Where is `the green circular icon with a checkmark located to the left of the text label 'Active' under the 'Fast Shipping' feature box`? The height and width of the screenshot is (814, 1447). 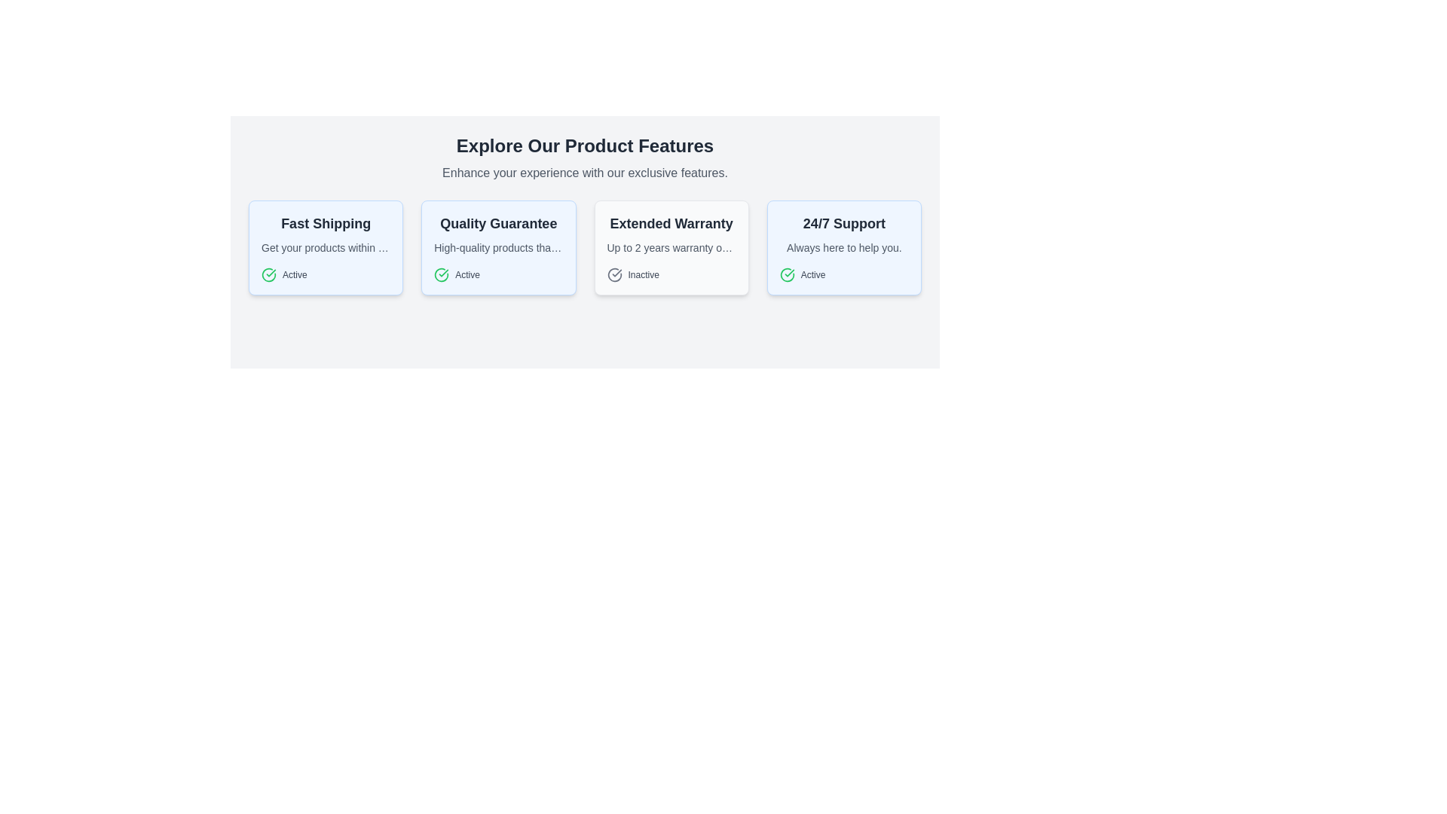 the green circular icon with a checkmark located to the left of the text label 'Active' under the 'Fast Shipping' feature box is located at coordinates (268, 275).